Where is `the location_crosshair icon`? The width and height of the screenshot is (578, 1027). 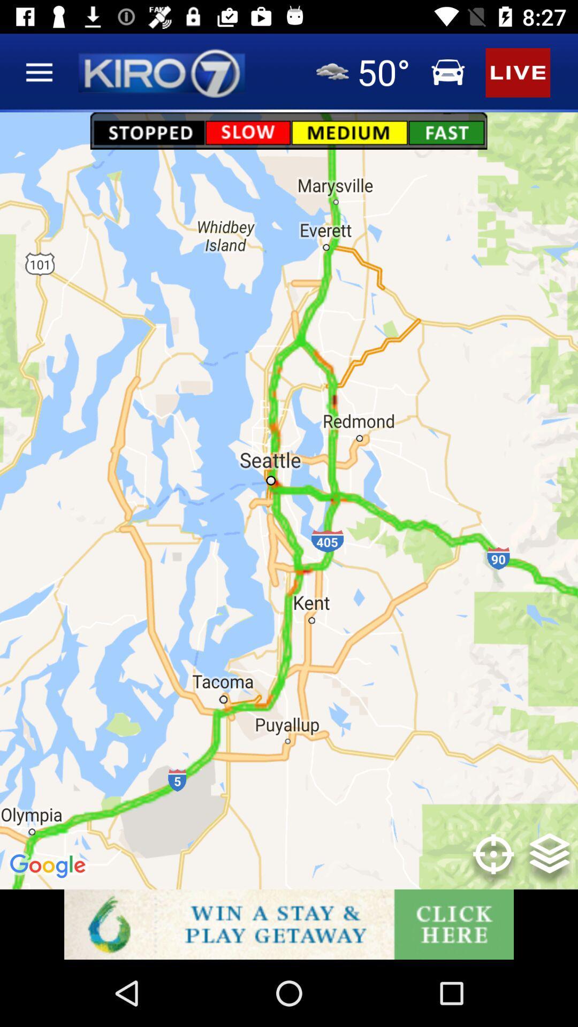 the location_crosshair icon is located at coordinates (493, 861).